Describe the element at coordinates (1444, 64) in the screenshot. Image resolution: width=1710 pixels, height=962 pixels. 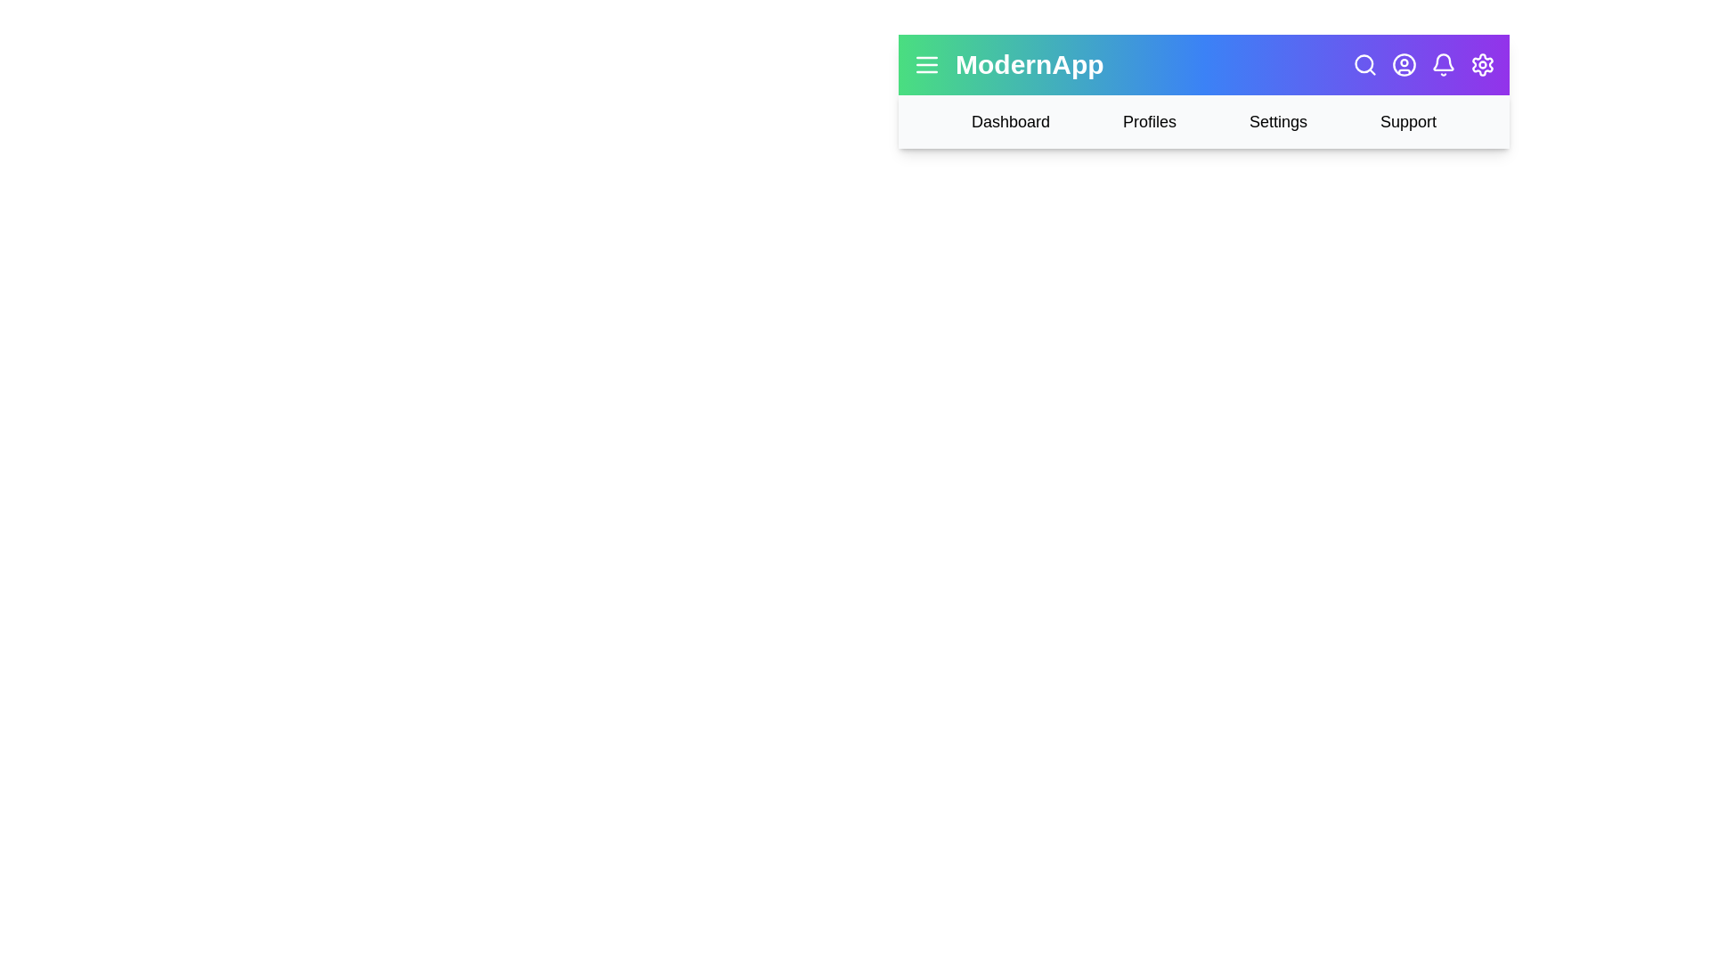
I see `the notification bell icon to view notifications` at that location.